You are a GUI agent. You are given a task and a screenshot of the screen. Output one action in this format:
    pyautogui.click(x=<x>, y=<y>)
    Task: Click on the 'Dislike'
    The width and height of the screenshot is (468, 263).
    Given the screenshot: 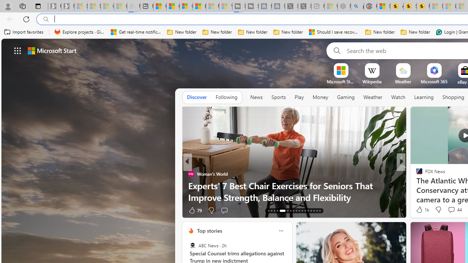 What is the action you would take?
    pyautogui.click(x=438, y=210)
    